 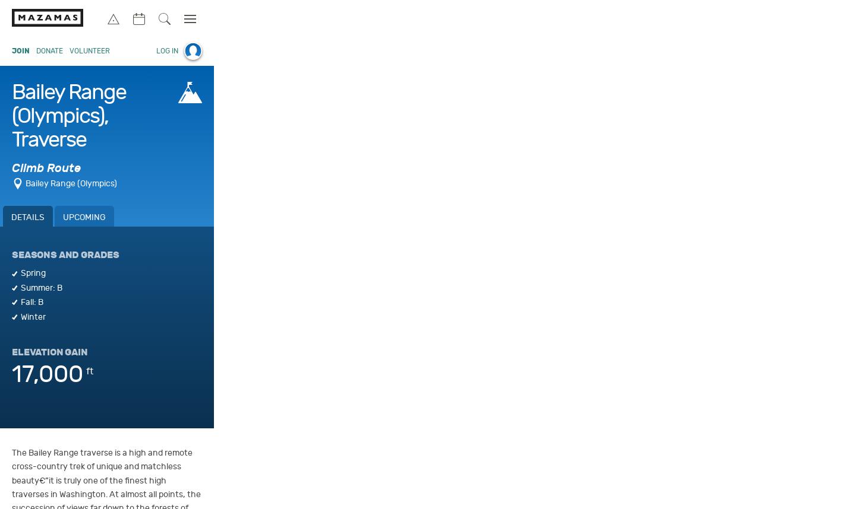 I want to click on 'Winter', so click(x=33, y=316).